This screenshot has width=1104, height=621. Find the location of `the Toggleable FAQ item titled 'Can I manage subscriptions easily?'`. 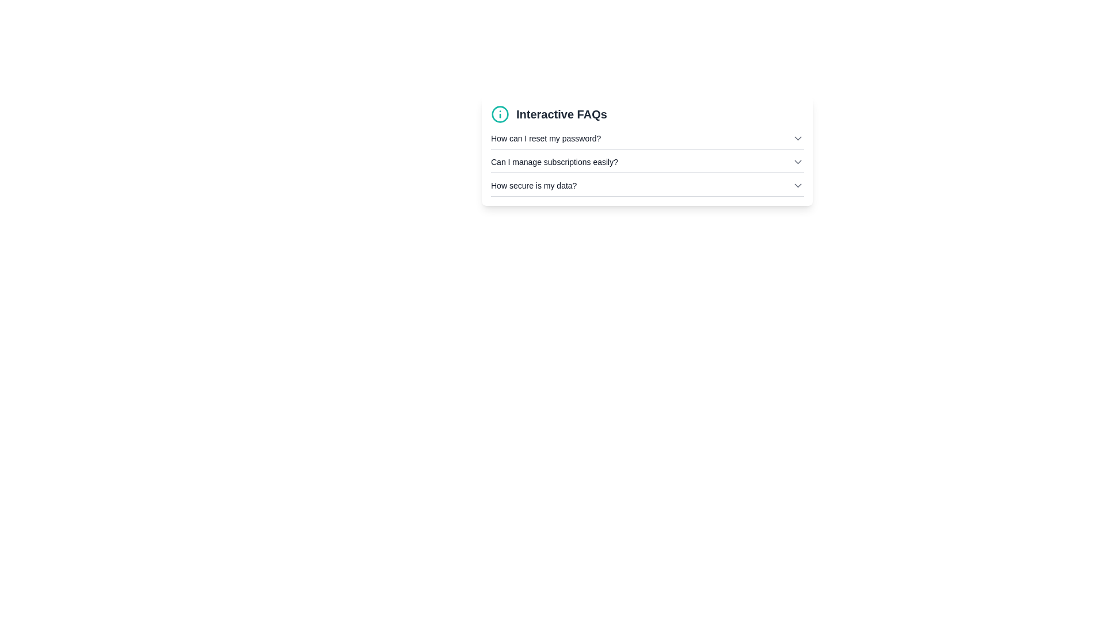

the Toggleable FAQ item titled 'Can I manage subscriptions easily?' is located at coordinates (647, 164).